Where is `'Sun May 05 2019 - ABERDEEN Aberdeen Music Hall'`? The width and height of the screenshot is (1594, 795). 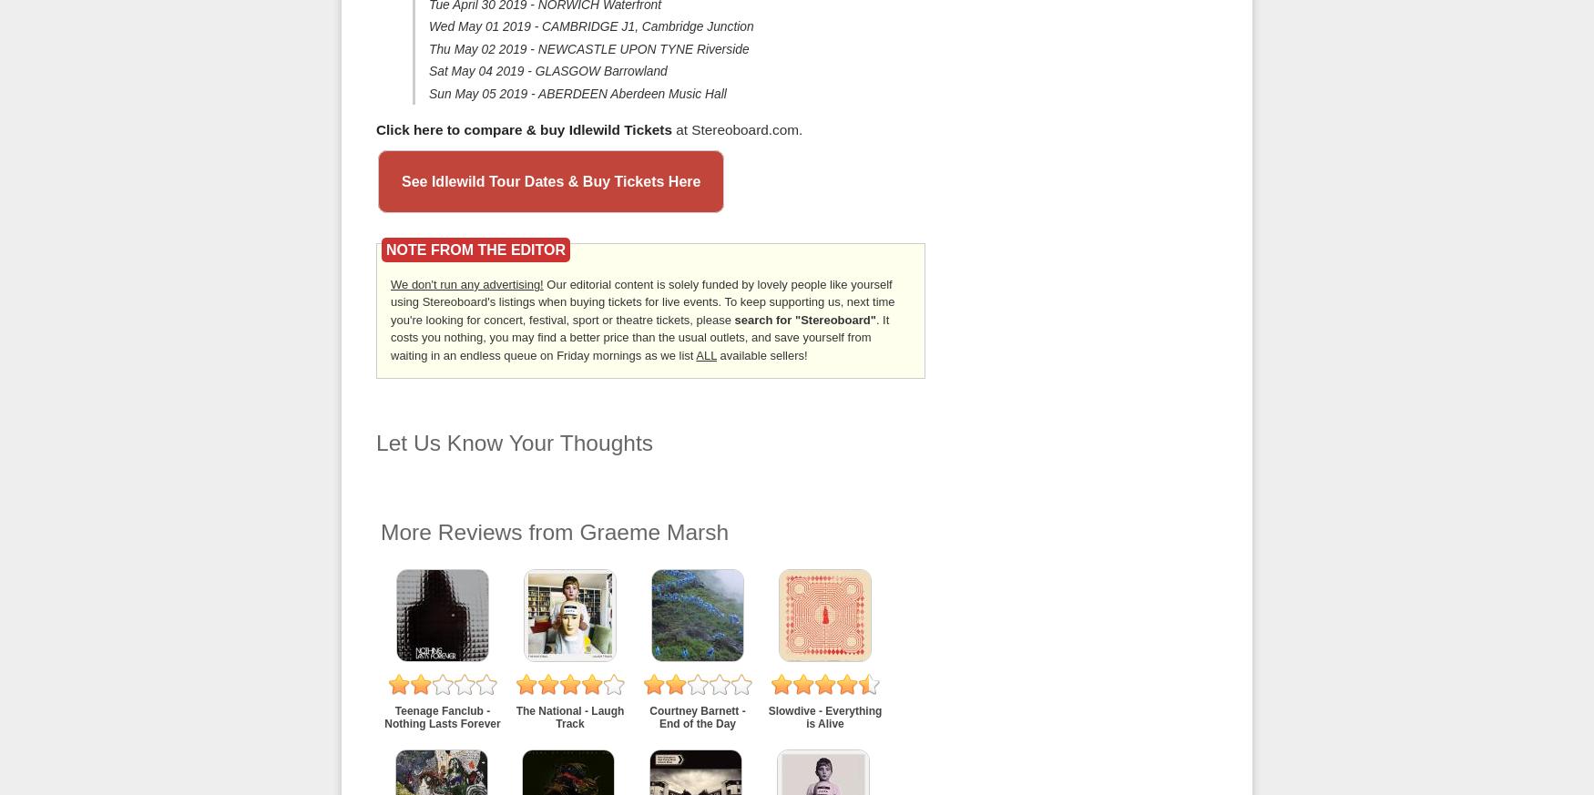
'Sun May 05 2019 - ABERDEEN Aberdeen Music Hall' is located at coordinates (577, 92).